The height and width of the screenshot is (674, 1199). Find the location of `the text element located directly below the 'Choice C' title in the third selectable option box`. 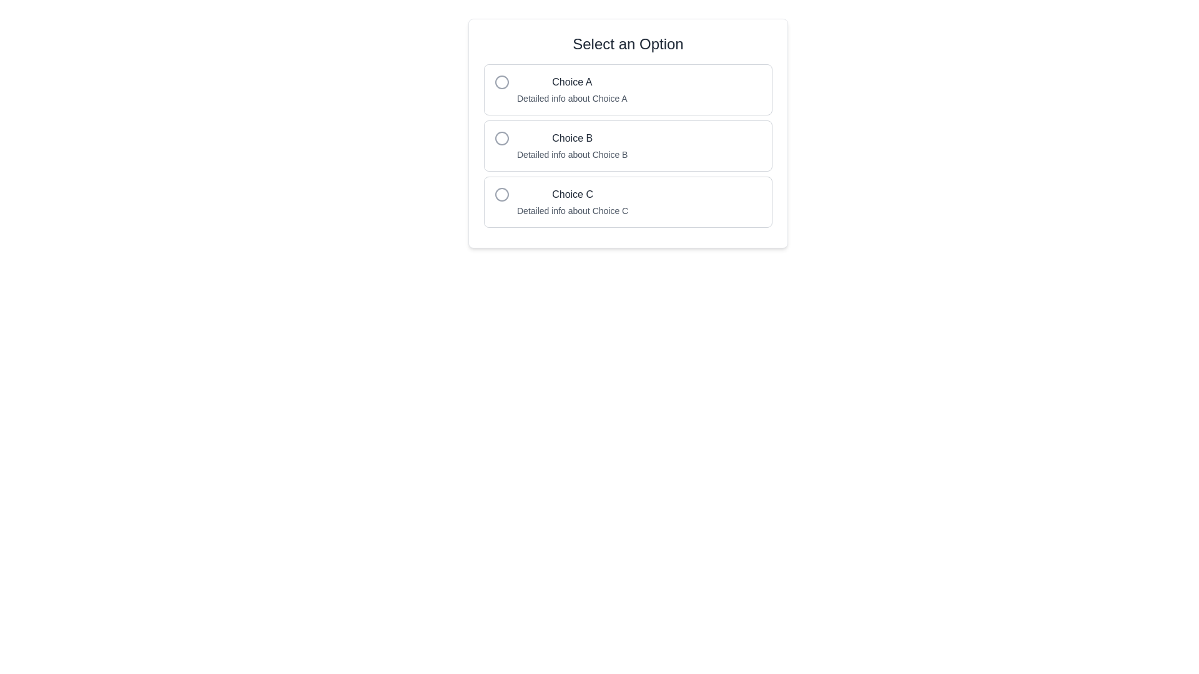

the text element located directly below the 'Choice C' title in the third selectable option box is located at coordinates (572, 210).